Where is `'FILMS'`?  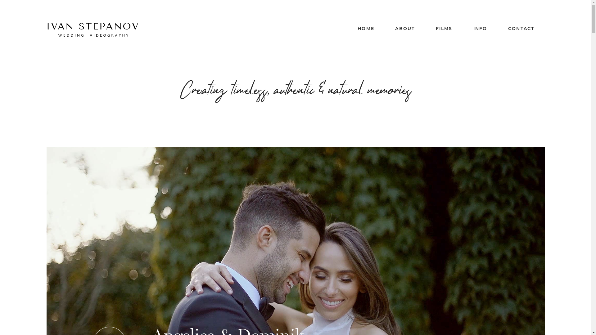
'FILMS' is located at coordinates (444, 29).